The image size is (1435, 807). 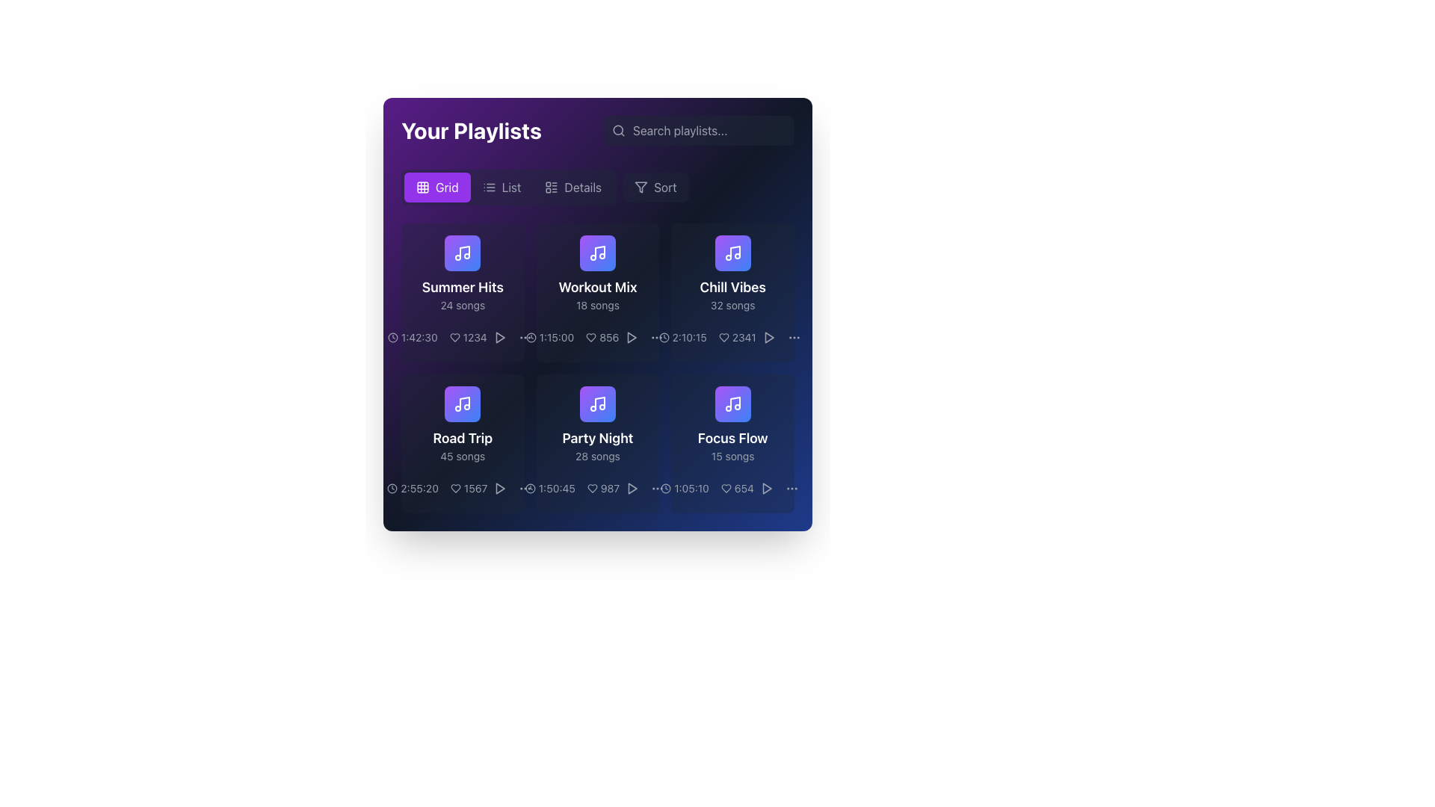 What do you see at coordinates (499, 337) in the screenshot?
I see `the playback button located in the first playlist card under the 'Summer Hits' title, next to '1234'` at bounding box center [499, 337].